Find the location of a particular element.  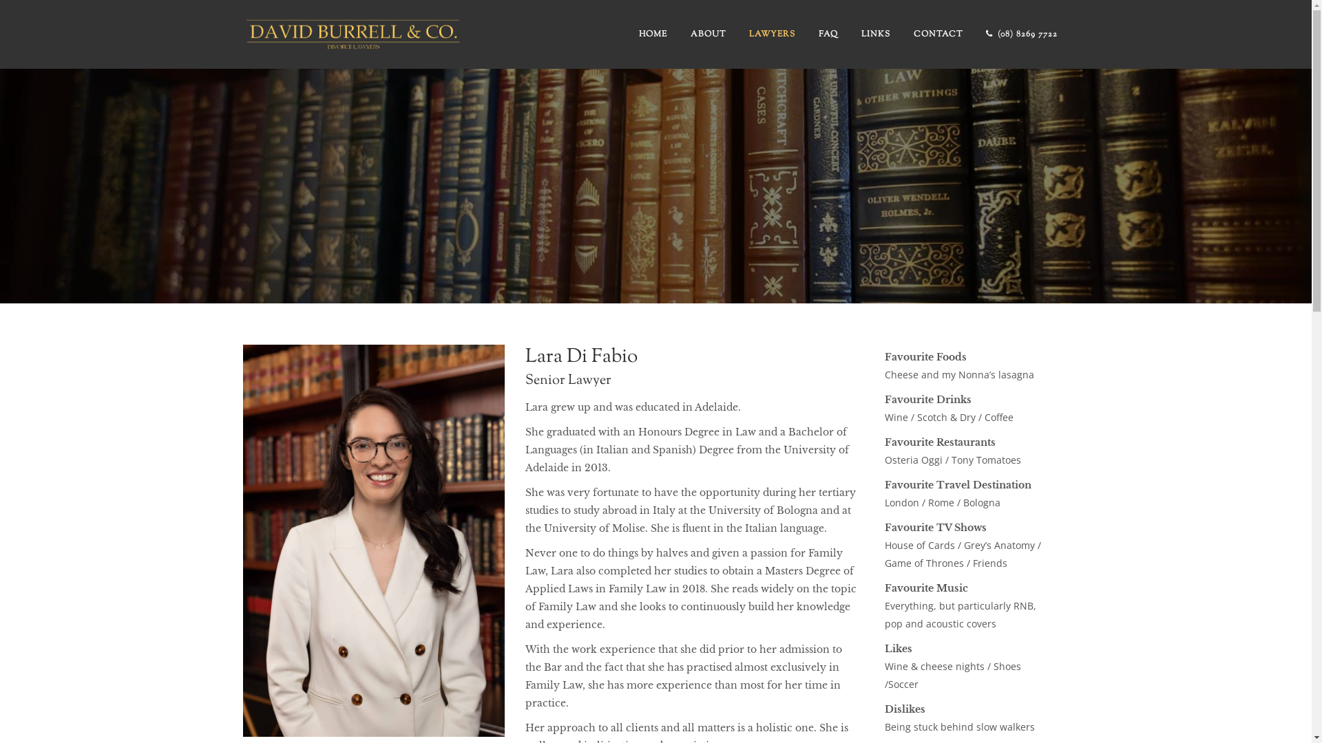

'LINKS' is located at coordinates (875, 34).